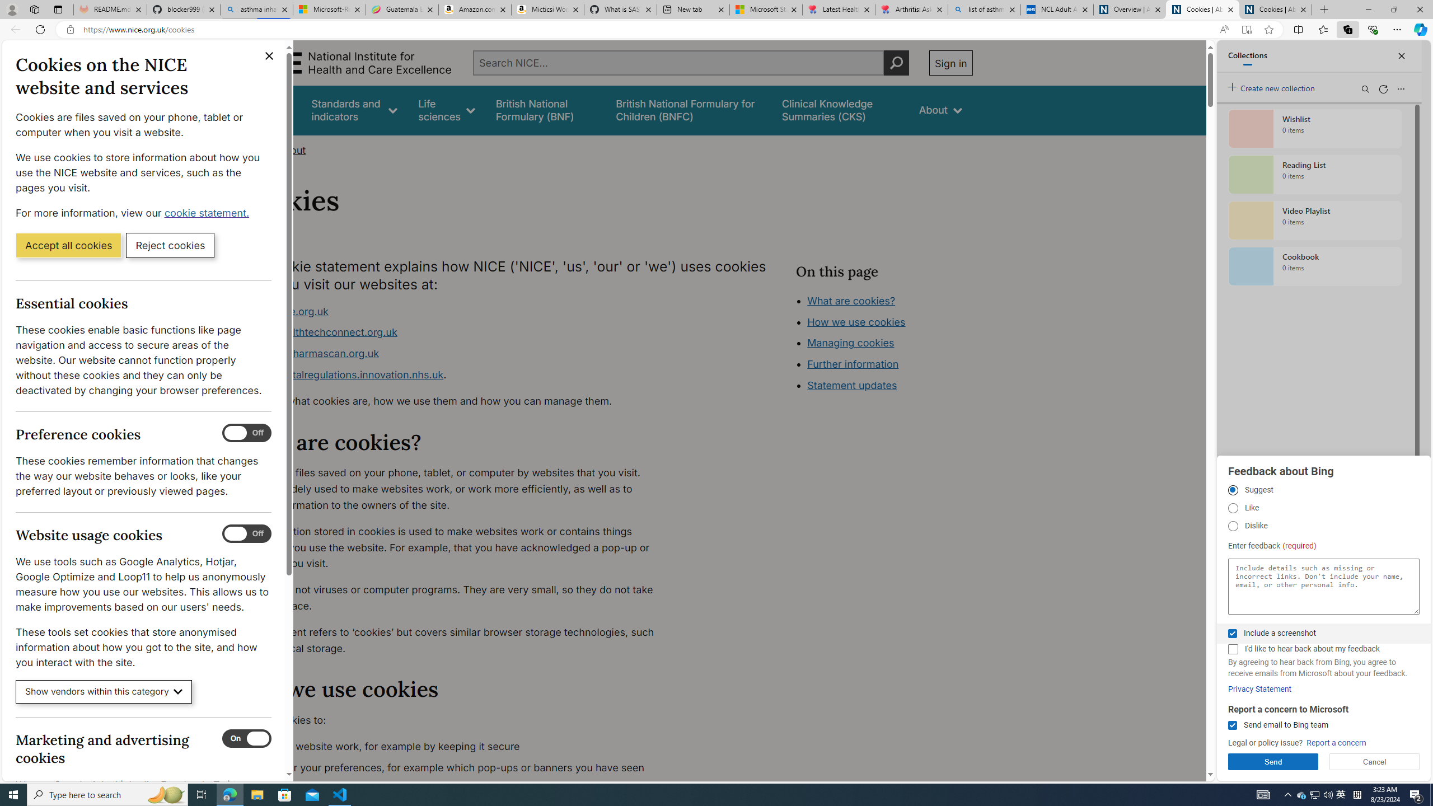 This screenshot has height=806, width=1433. Describe the element at coordinates (689, 110) in the screenshot. I see `'British National Formulary for Children (BNFC)'` at that location.